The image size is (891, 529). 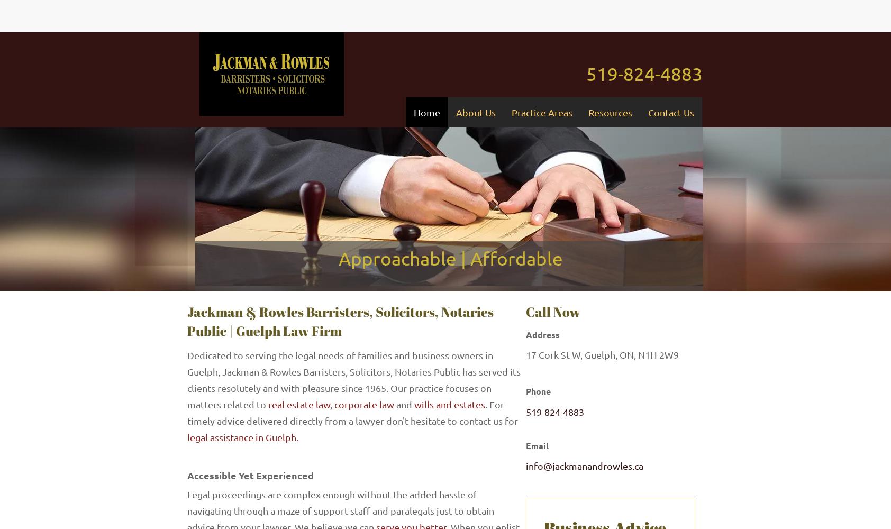 I want to click on 'Resources', so click(x=610, y=112).